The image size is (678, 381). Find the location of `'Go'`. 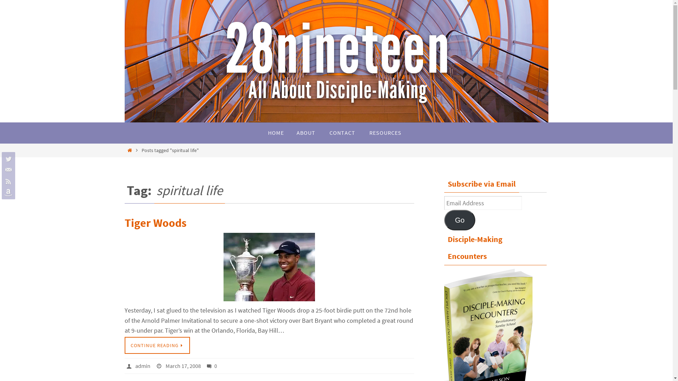

'Go' is located at coordinates (460, 220).